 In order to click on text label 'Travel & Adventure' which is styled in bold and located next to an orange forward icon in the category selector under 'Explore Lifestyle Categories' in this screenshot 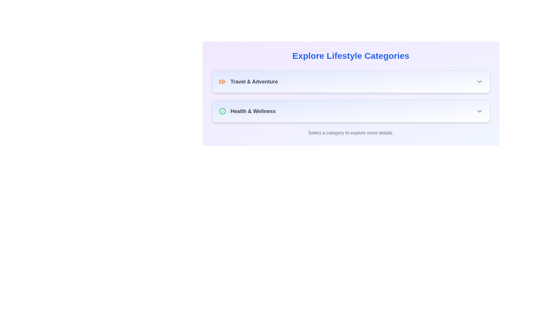, I will do `click(254, 81)`.